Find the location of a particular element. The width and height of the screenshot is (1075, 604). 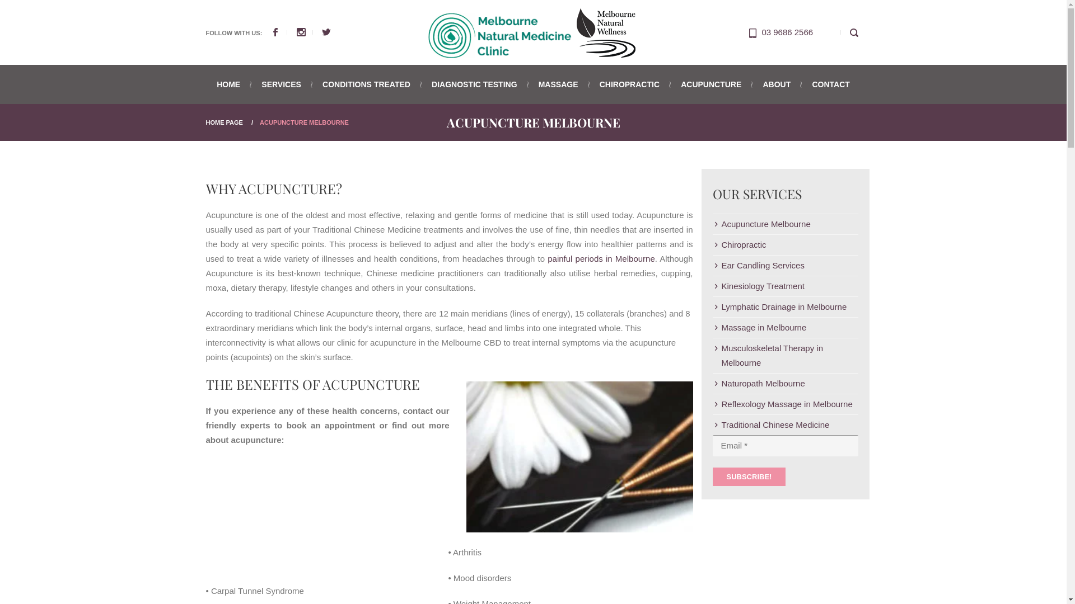

'Ear Candling Services' is located at coordinates (758, 265).